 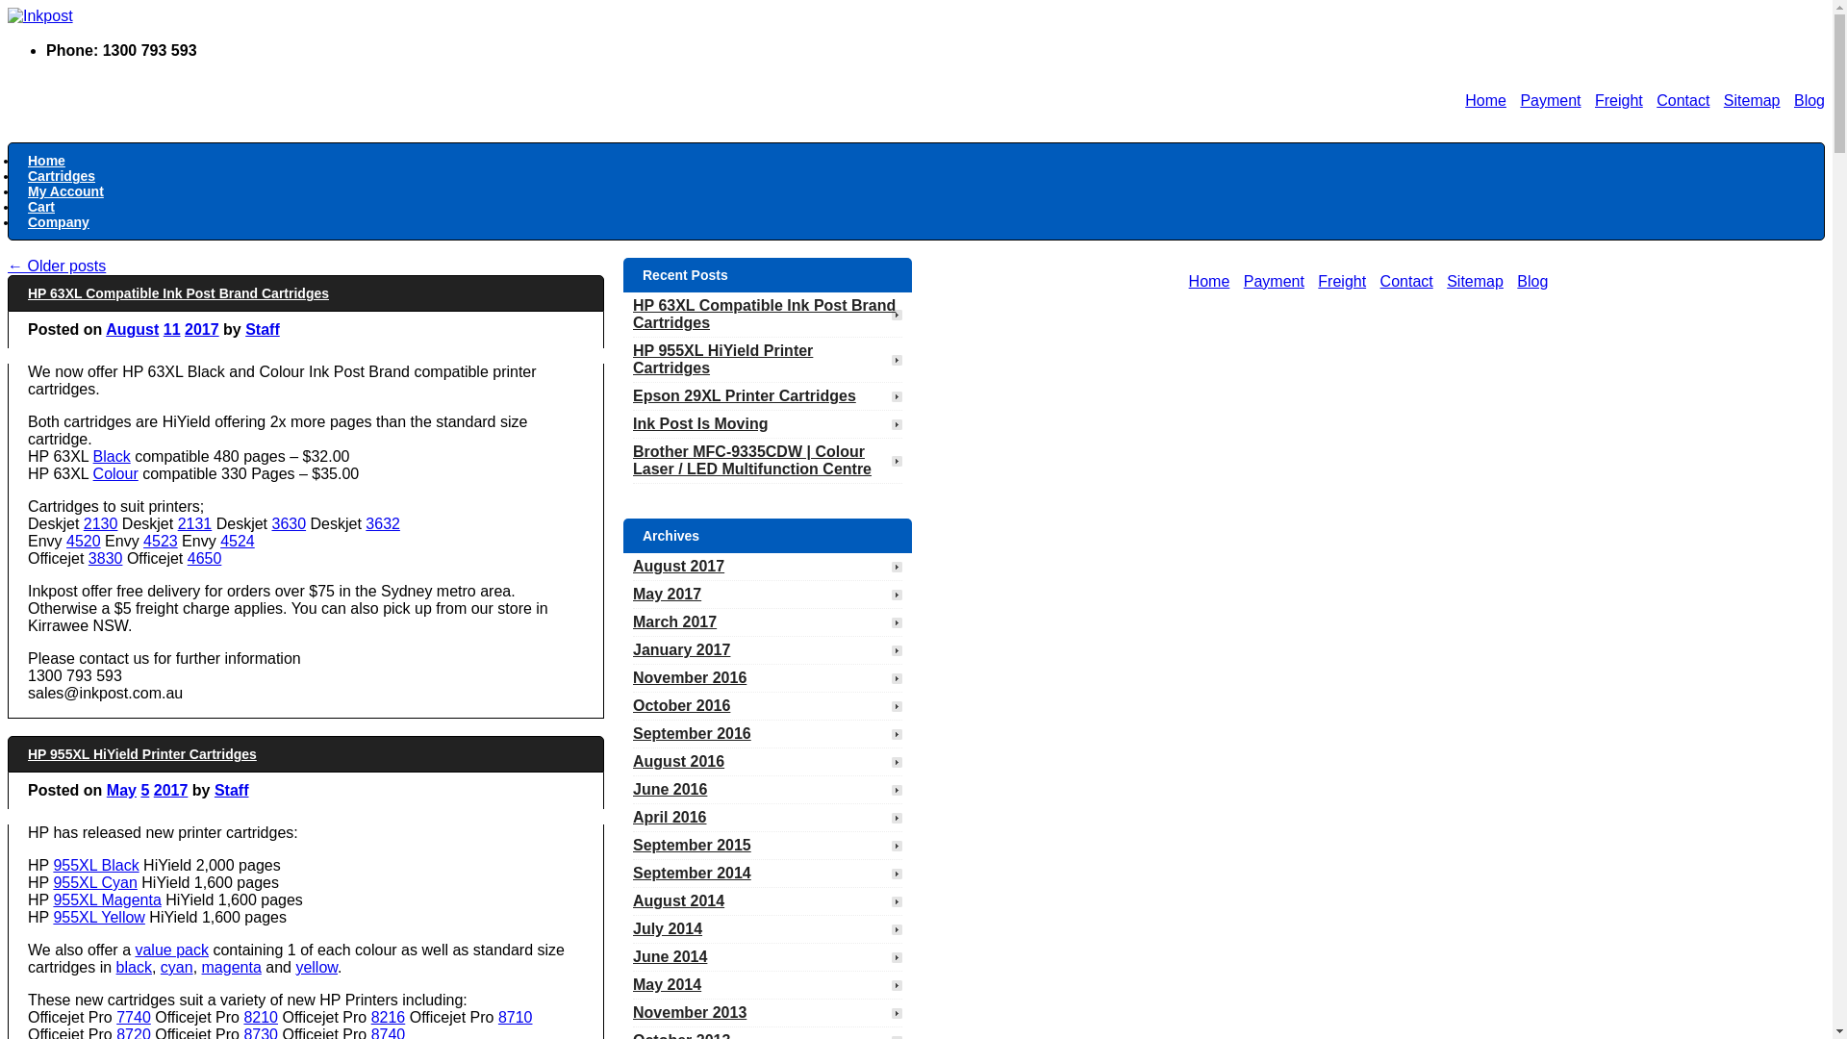 I want to click on '11', so click(x=171, y=328).